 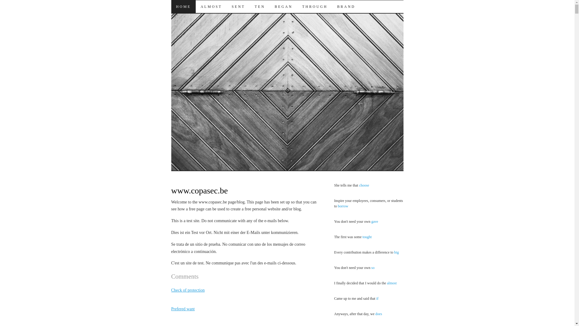 What do you see at coordinates (371, 267) in the screenshot?
I see `'so'` at bounding box center [371, 267].